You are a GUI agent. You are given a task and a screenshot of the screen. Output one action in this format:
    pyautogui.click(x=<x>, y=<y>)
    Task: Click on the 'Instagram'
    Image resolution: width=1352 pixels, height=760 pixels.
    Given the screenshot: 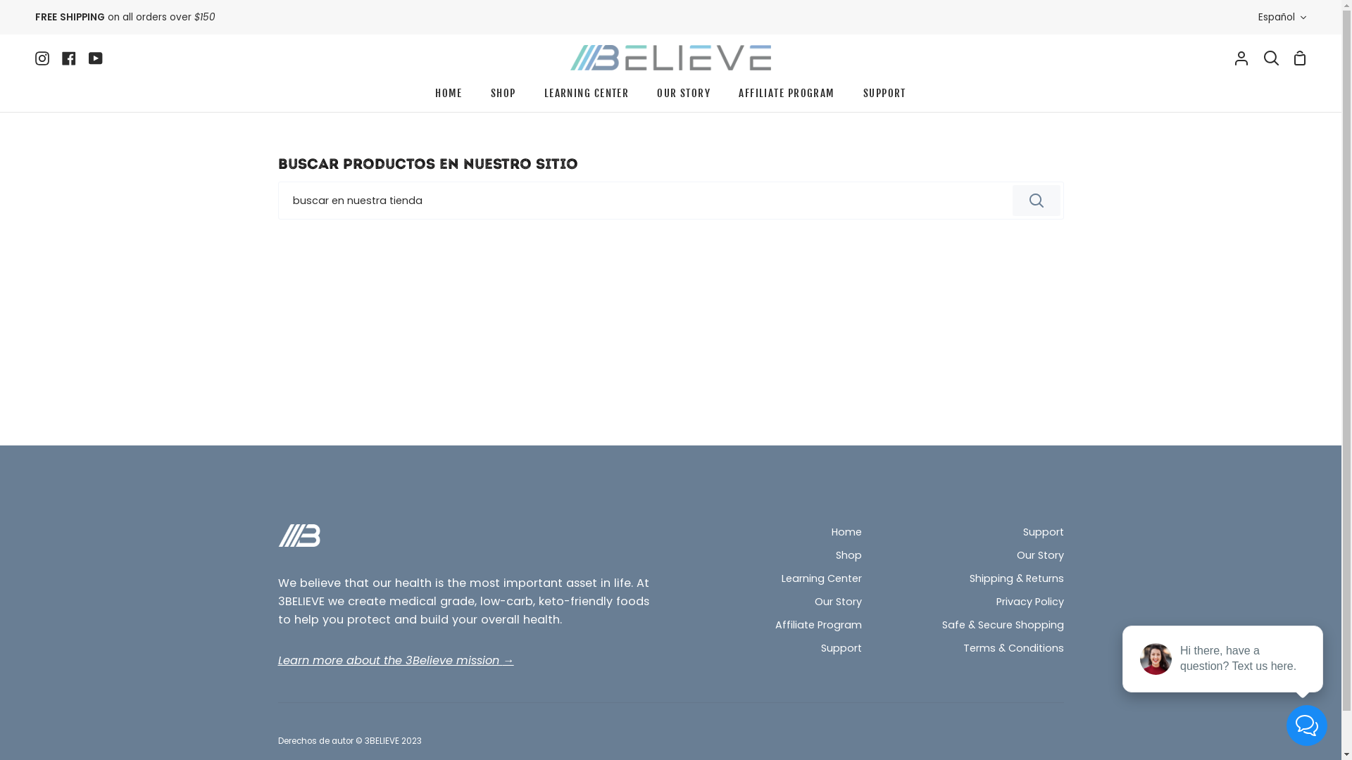 What is the action you would take?
    pyautogui.click(x=35, y=56)
    